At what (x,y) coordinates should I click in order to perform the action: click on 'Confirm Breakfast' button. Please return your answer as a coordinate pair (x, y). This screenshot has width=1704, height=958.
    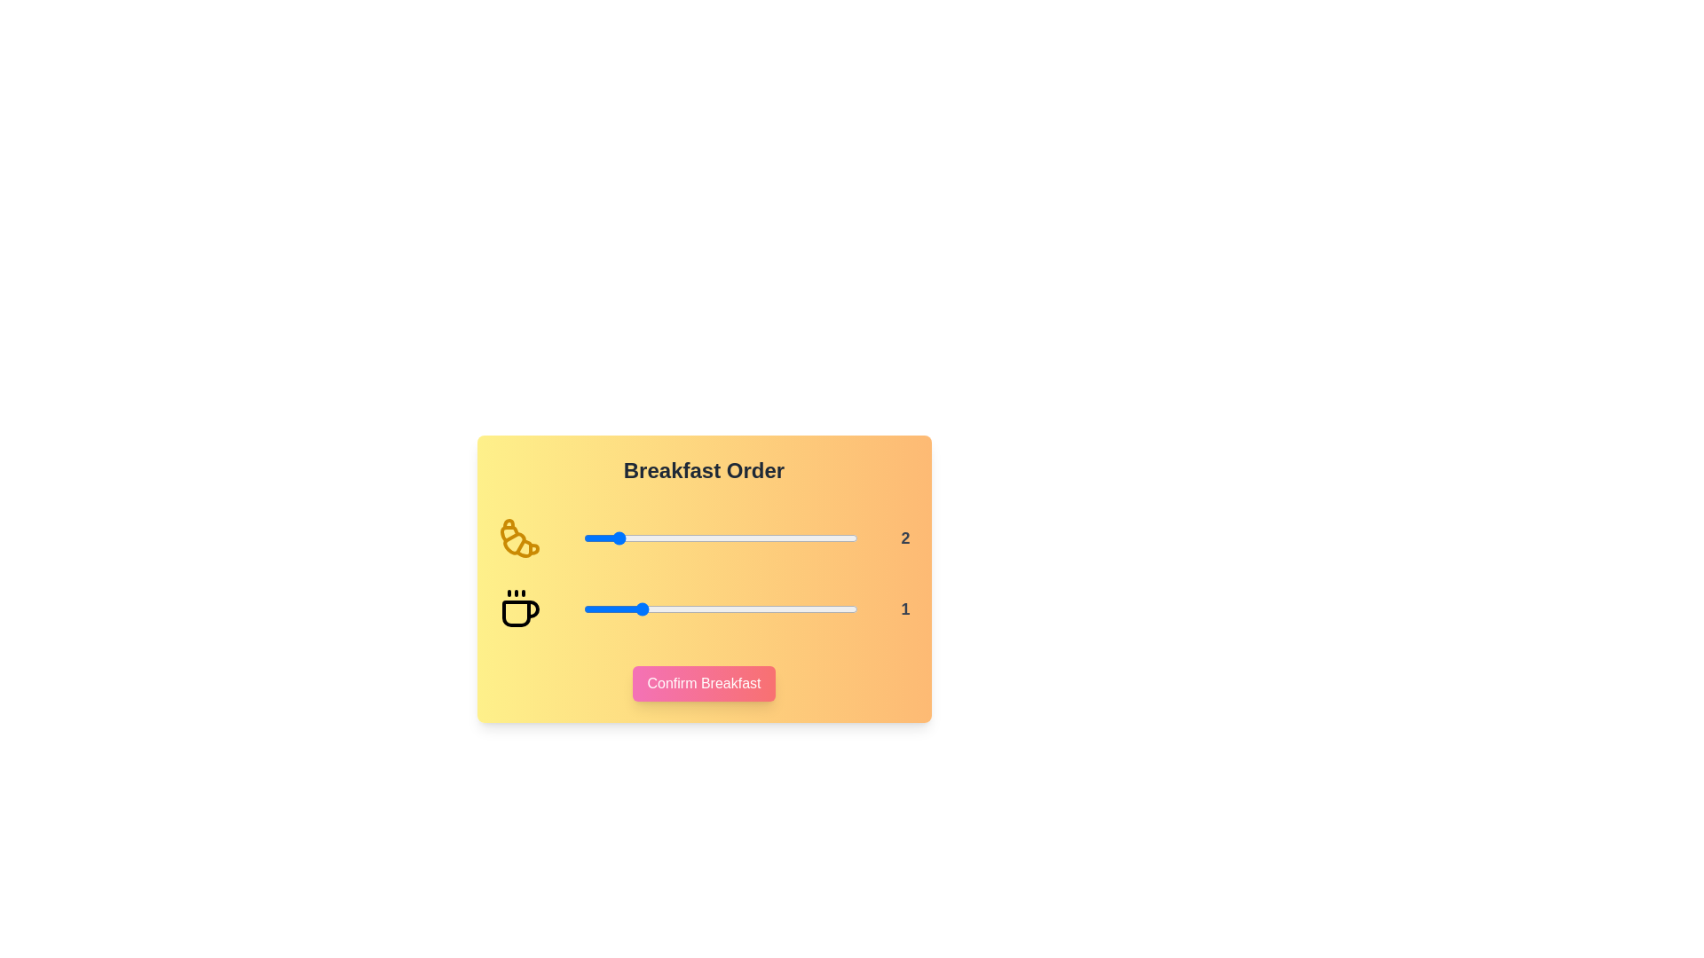
    Looking at the image, I should click on (703, 683).